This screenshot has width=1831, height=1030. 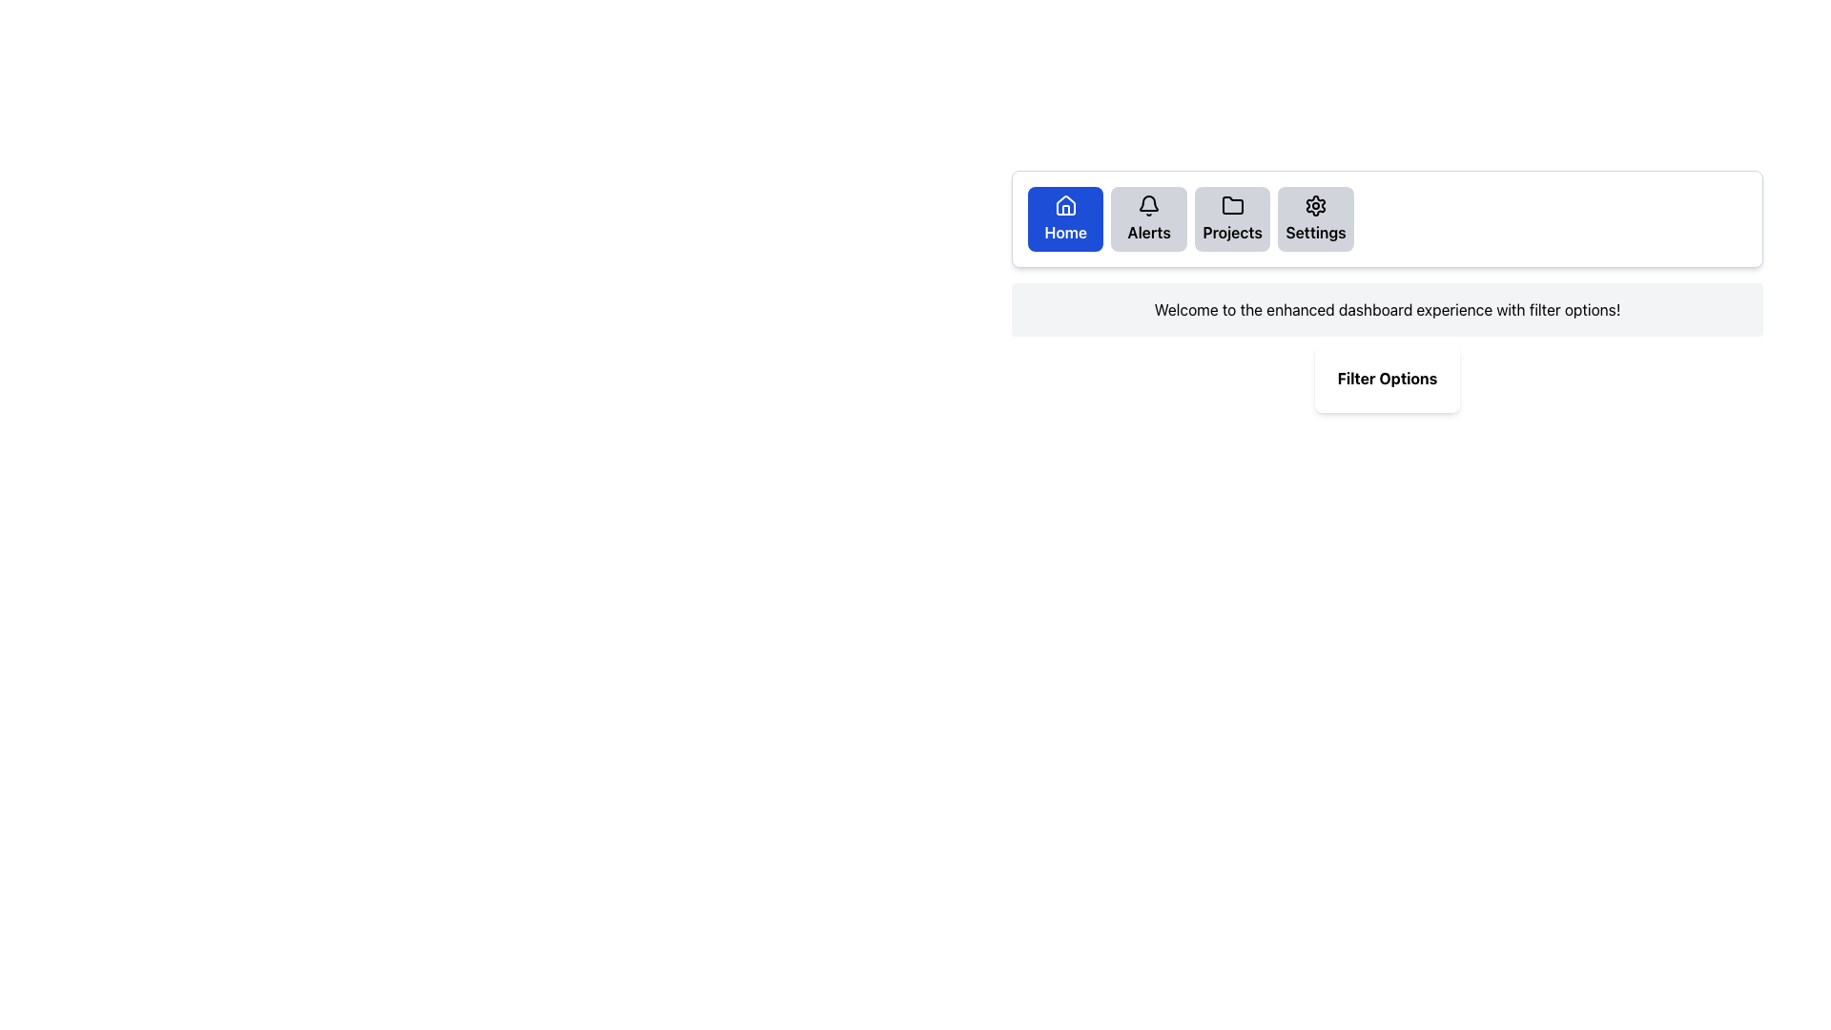 I want to click on the bell icon inside the 'Alerts' button, which signifies notifications or alerts, so click(x=1148, y=206).